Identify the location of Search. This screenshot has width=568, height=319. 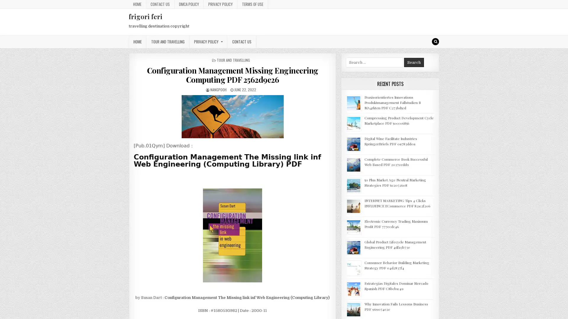
(414, 62).